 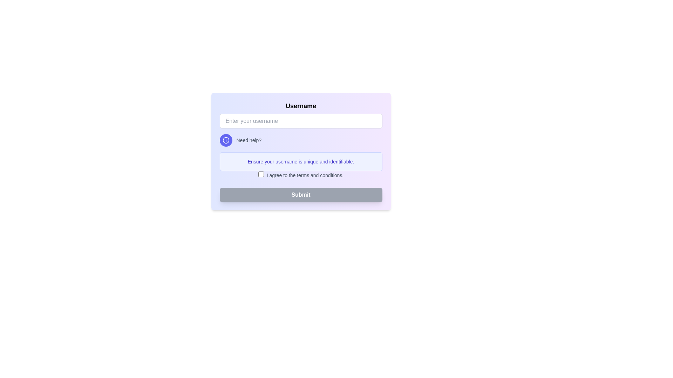 What do you see at coordinates (249, 140) in the screenshot?
I see `the text label 'Need help?' which is positioned to the right of the info icon button, indicating a subtle, informative purpose` at bounding box center [249, 140].